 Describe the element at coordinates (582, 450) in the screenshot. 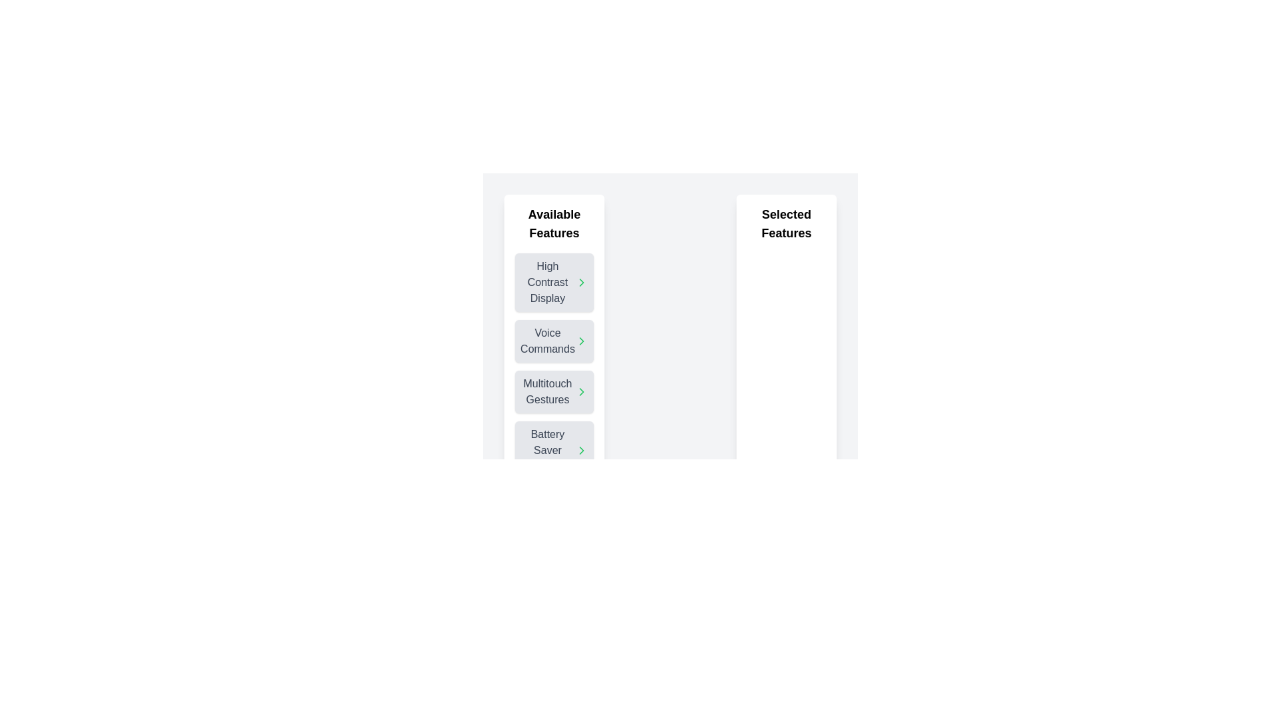

I see `the transfer button for the item 'Battery Saver Mode' in the available features list to move it to the selected features list` at that location.